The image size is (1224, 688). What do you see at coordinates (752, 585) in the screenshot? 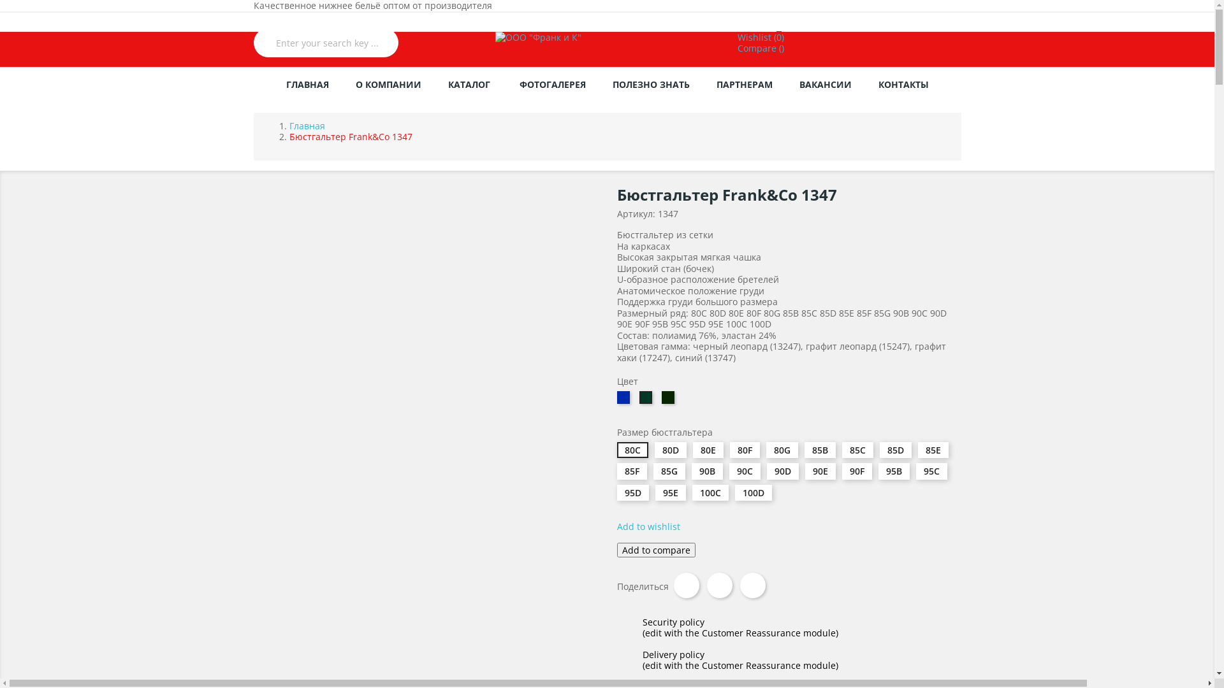
I see `'Pinterest'` at bounding box center [752, 585].